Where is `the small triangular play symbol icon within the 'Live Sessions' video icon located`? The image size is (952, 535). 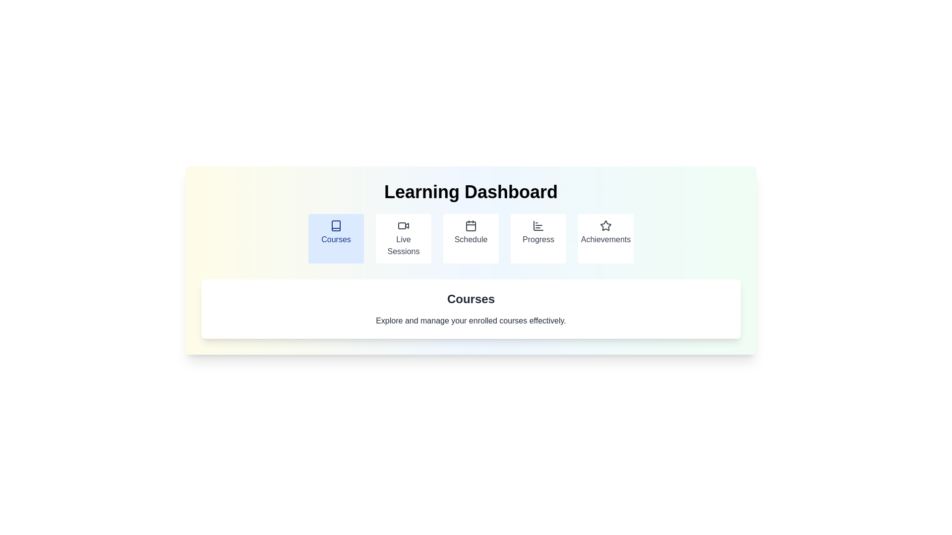 the small triangular play symbol icon within the 'Live Sessions' video icon located is located at coordinates (407, 225).